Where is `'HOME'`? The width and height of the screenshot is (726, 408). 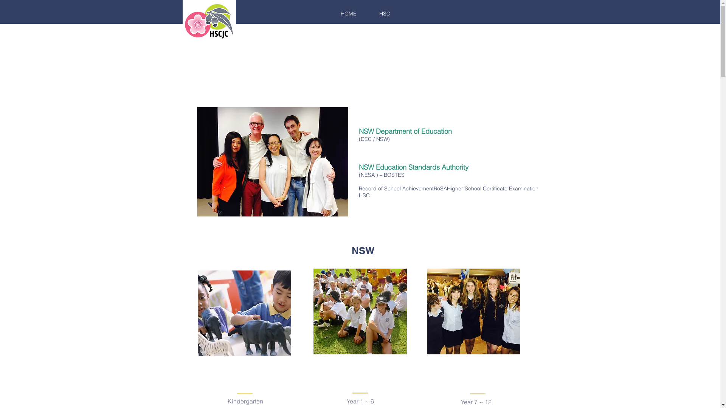
'HOME' is located at coordinates (348, 13).